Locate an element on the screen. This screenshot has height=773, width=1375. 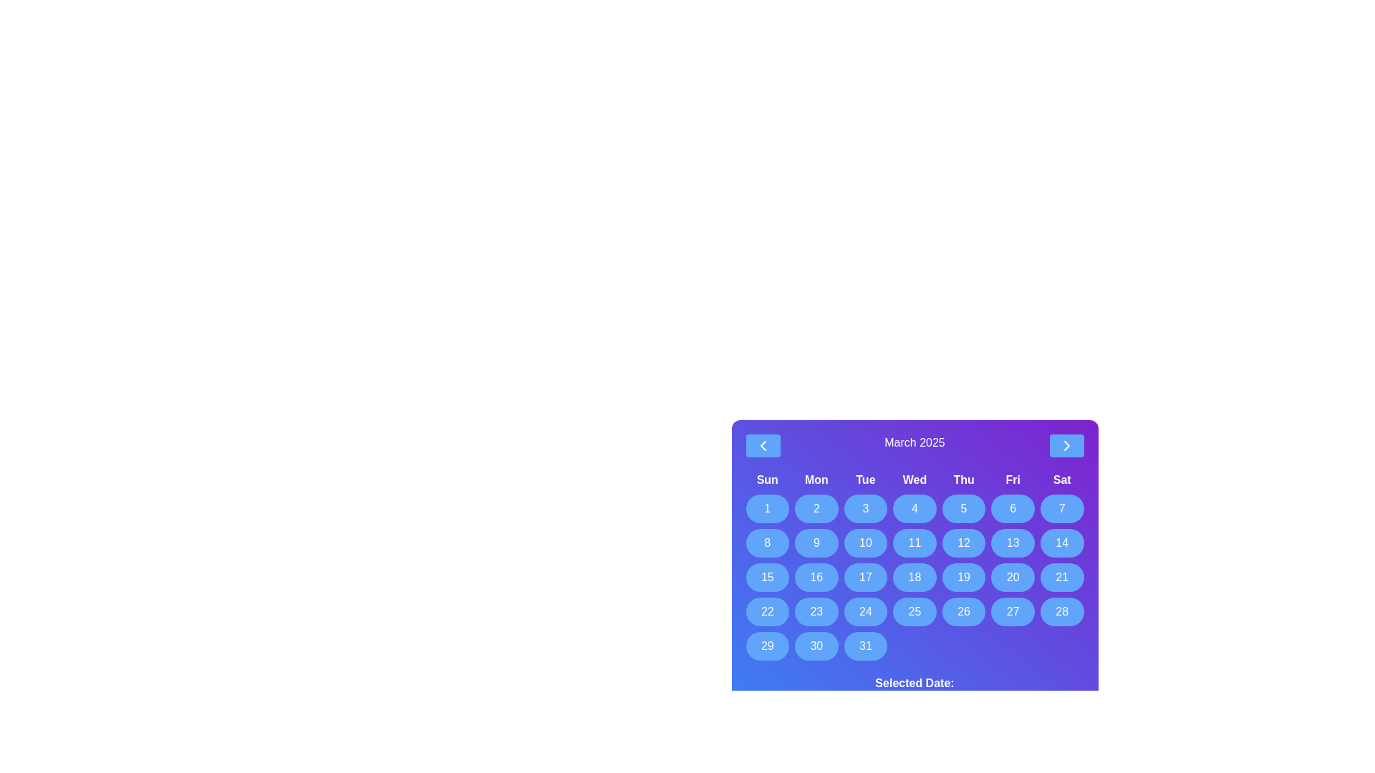
the 11th day button in the calendar, located under the 'Wed' column, to change its background color is located at coordinates (914, 543).